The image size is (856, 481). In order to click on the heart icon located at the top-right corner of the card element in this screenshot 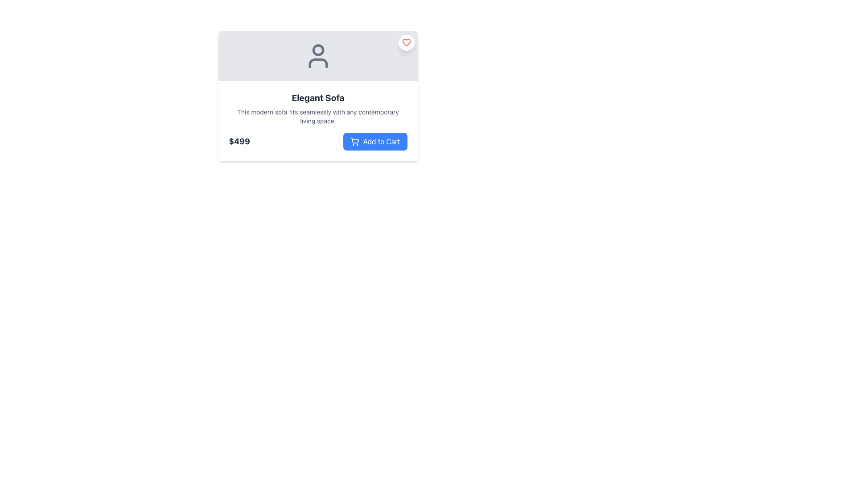, I will do `click(406, 43)`.